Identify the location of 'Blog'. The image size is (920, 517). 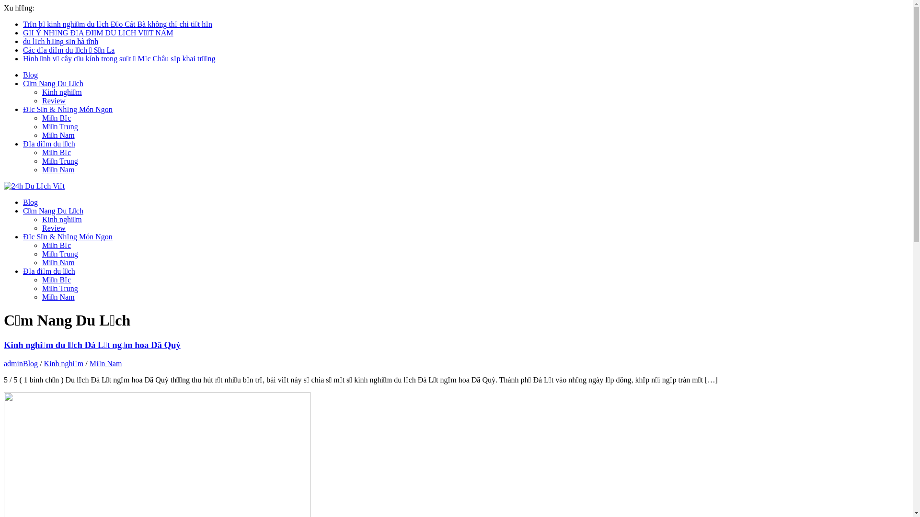
(30, 363).